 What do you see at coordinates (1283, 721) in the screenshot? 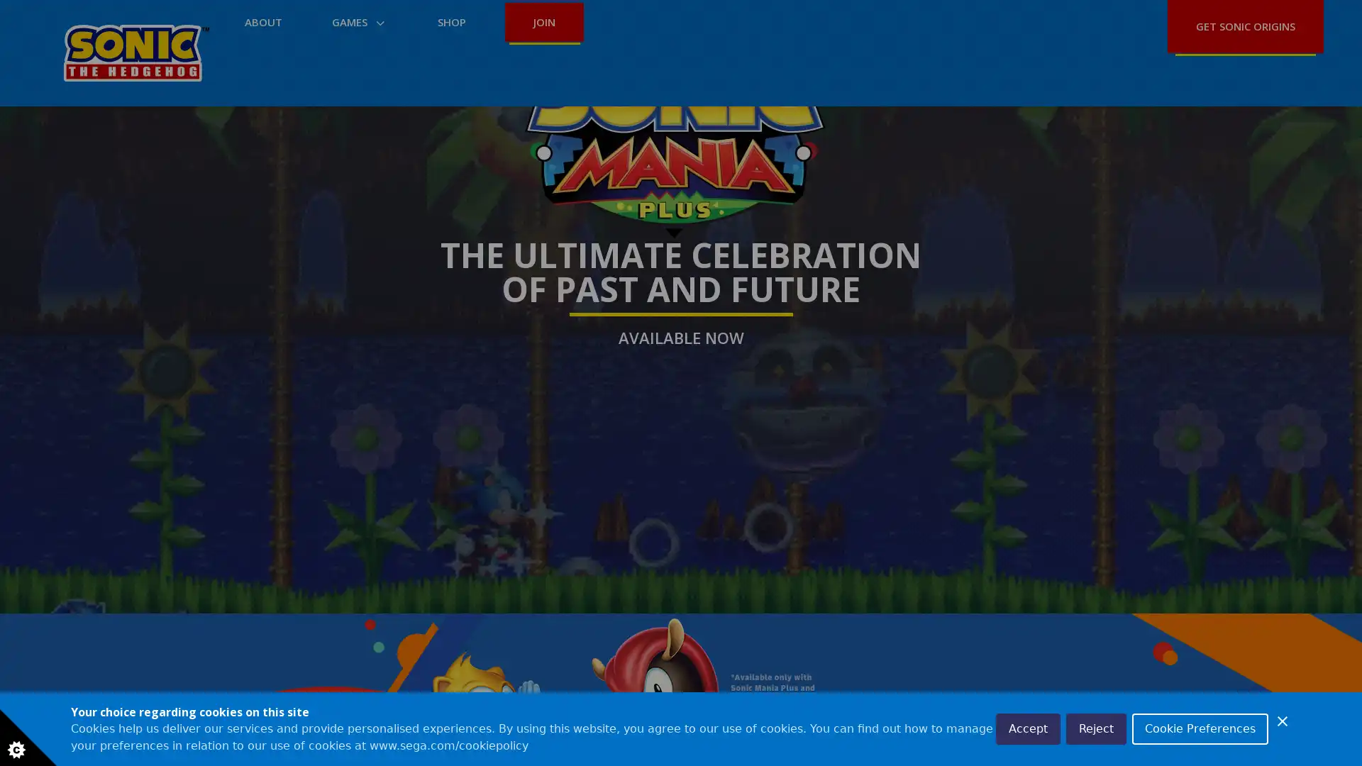
I see `Close` at bounding box center [1283, 721].